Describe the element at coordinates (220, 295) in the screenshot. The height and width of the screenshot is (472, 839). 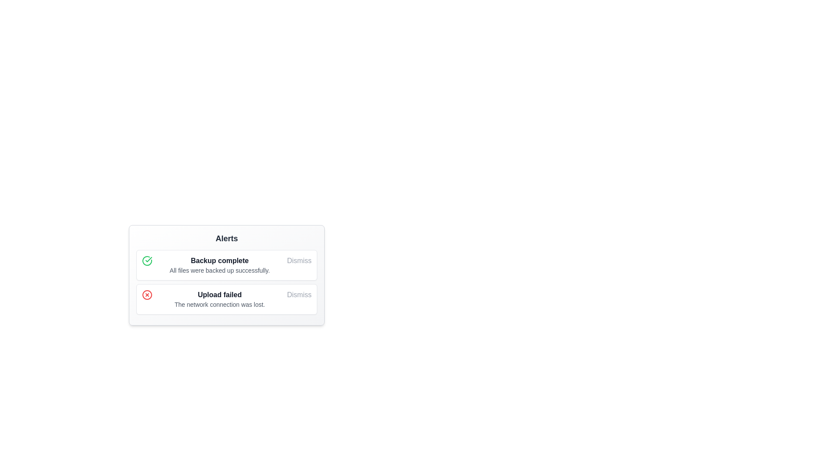
I see `message displayed in the alert box that states 'Upload failed', which is styled with bold text and is part of a failed upload status notification` at that location.